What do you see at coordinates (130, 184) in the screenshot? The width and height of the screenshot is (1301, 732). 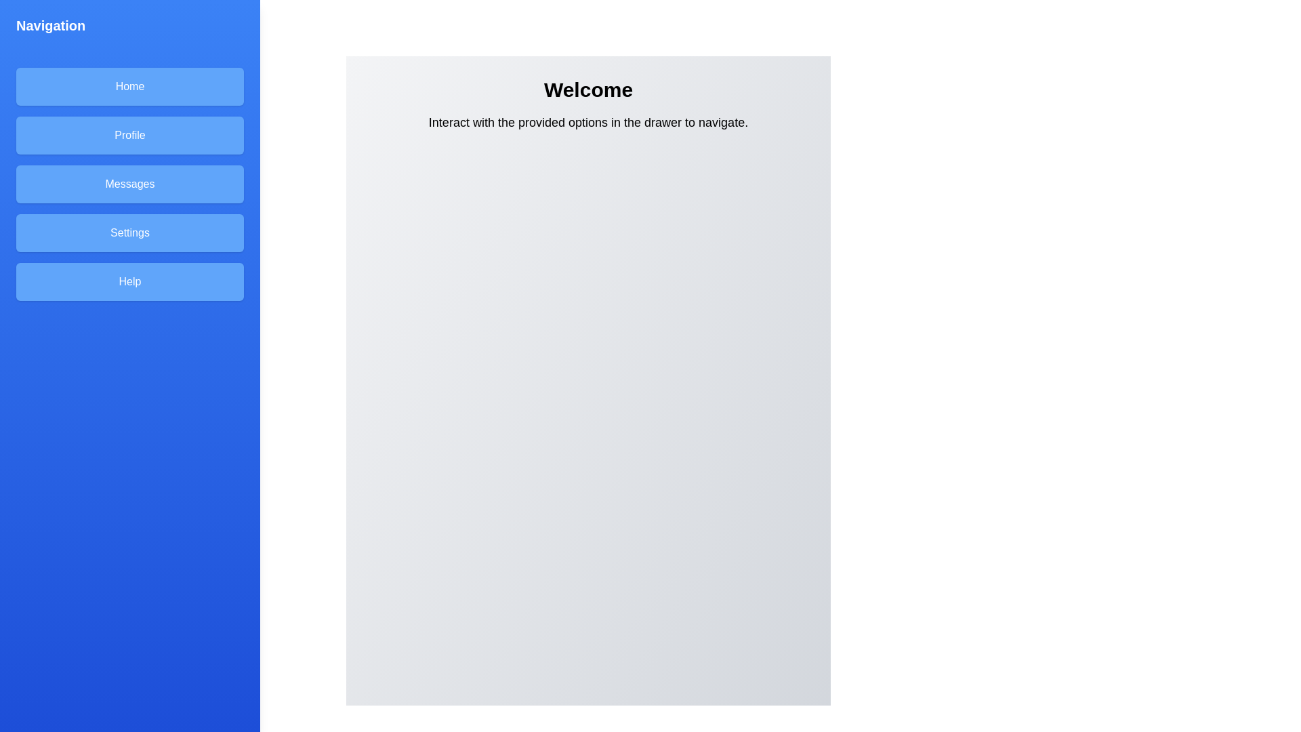 I see `the Messages in the navigation drawer to navigate` at bounding box center [130, 184].